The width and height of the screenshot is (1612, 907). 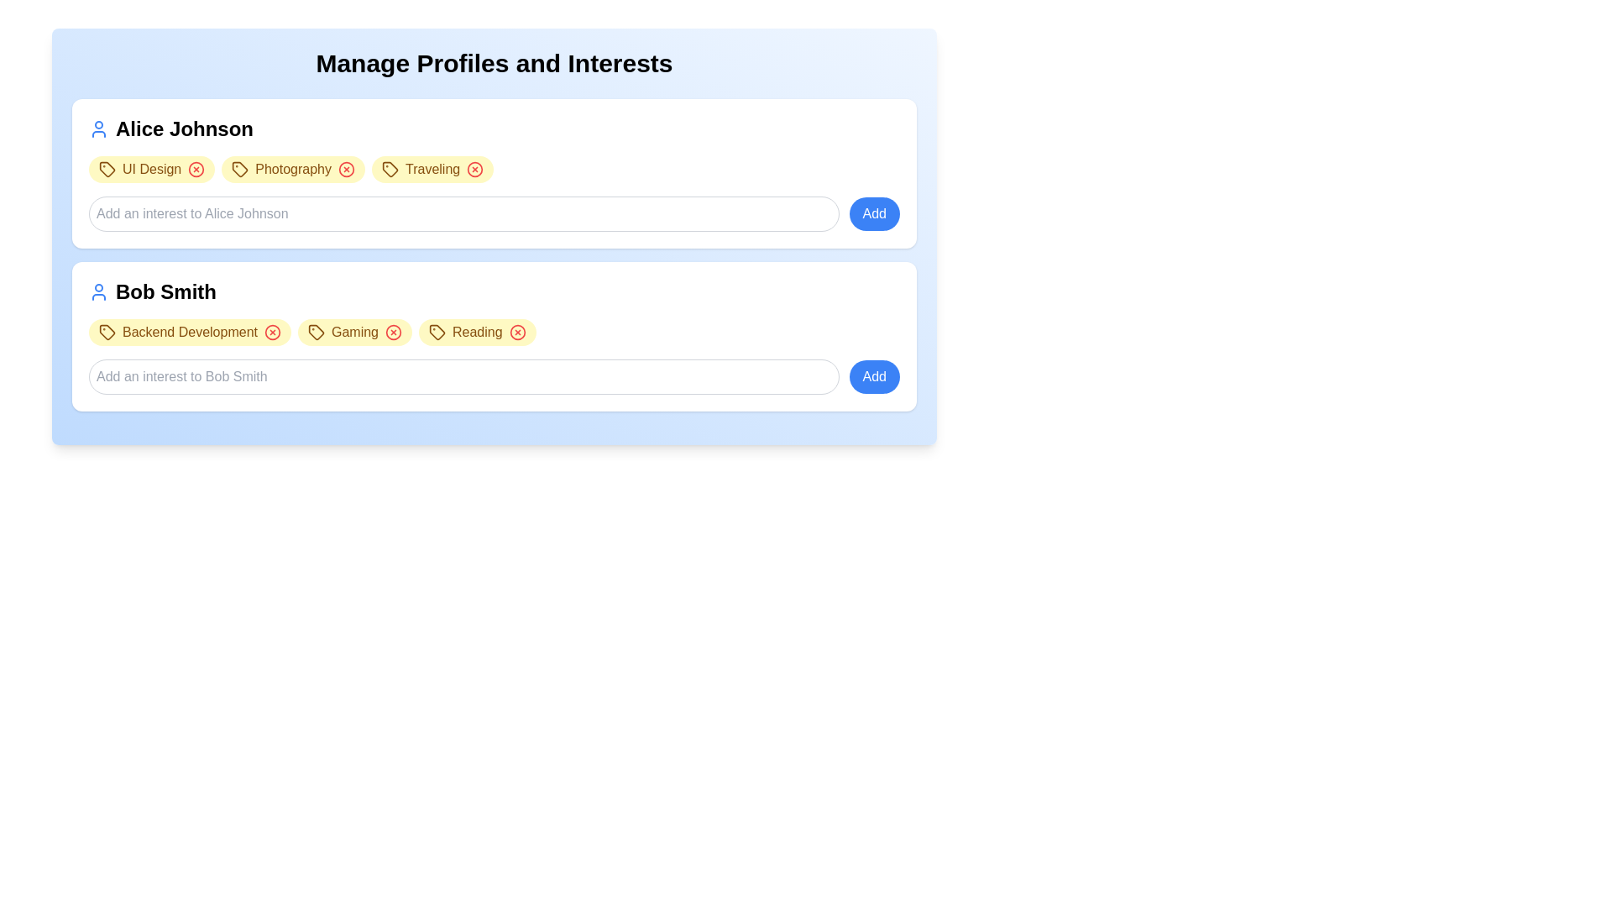 What do you see at coordinates (190, 333) in the screenshot?
I see `the yellow rounded pill-shaped tag labeled 'Backend Development' located under the 'Bob Smith' section, positioned between the name header and the input bar` at bounding box center [190, 333].